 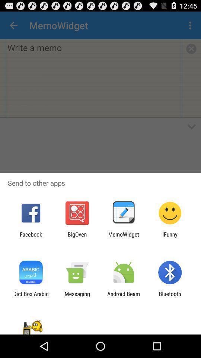 What do you see at coordinates (77, 237) in the screenshot?
I see `app to the right of facebook icon` at bounding box center [77, 237].